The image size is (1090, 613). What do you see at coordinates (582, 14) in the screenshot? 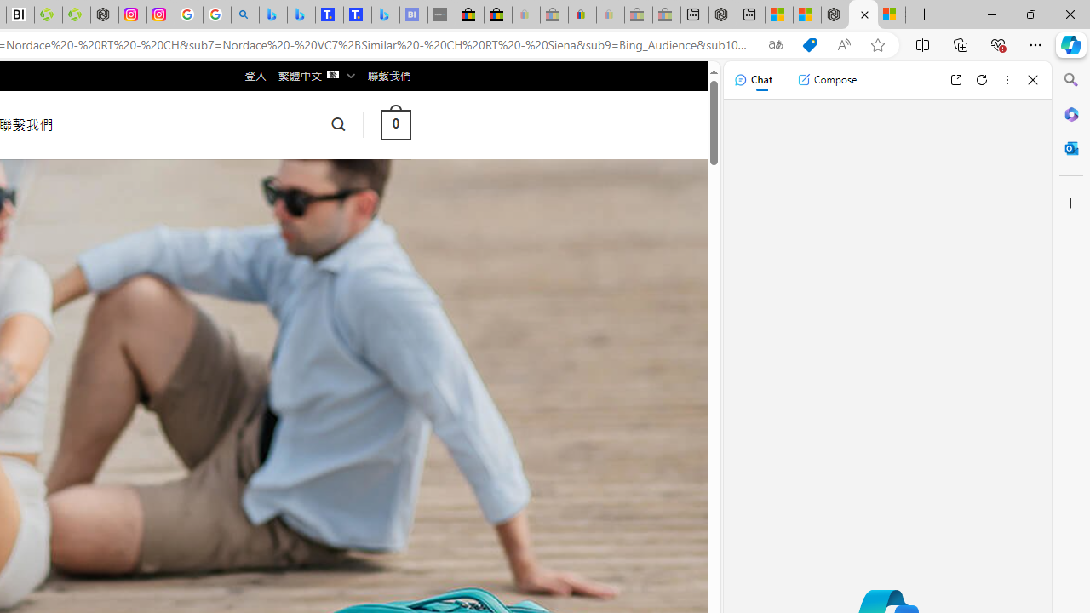
I see `'Threats and offensive language policy | eBay'` at bounding box center [582, 14].